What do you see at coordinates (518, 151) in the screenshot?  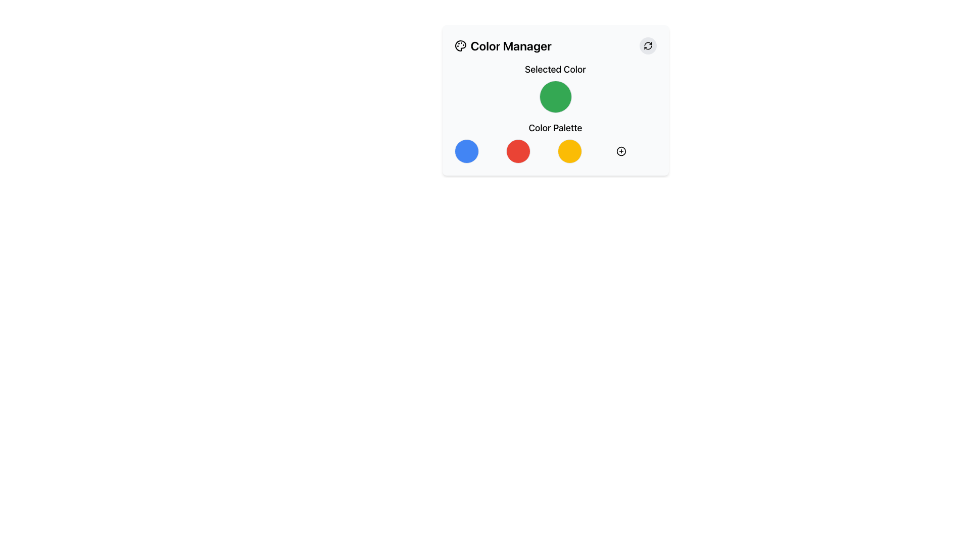 I see `the vibrant red circular button in the Color Manager module, which is the second item in a grid layout of four primary circular elements` at bounding box center [518, 151].